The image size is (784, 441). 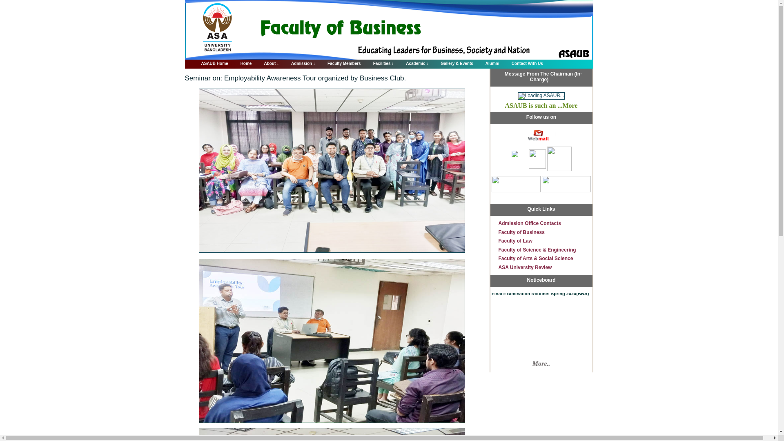 What do you see at coordinates (525, 267) in the screenshot?
I see `'ASA University Review'` at bounding box center [525, 267].